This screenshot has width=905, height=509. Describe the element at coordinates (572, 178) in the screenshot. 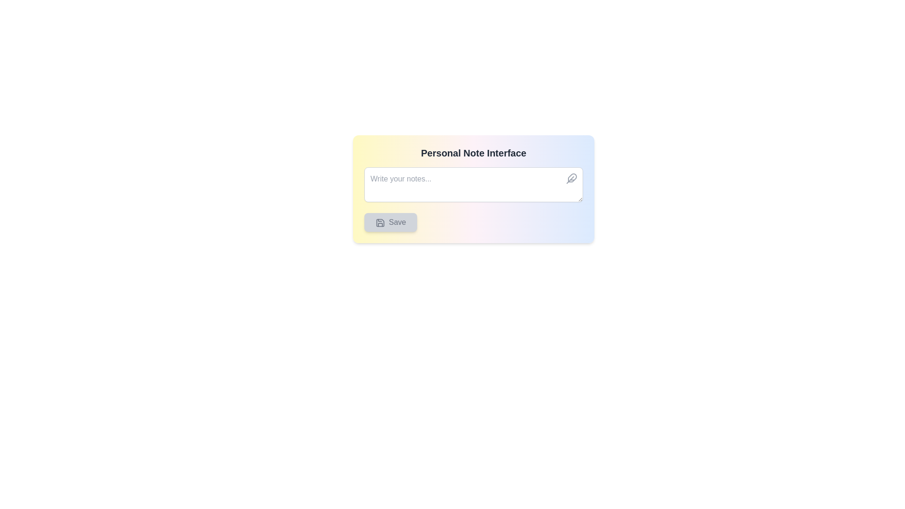

I see `the feather icon located in the upper-right corner of the text input box` at that location.